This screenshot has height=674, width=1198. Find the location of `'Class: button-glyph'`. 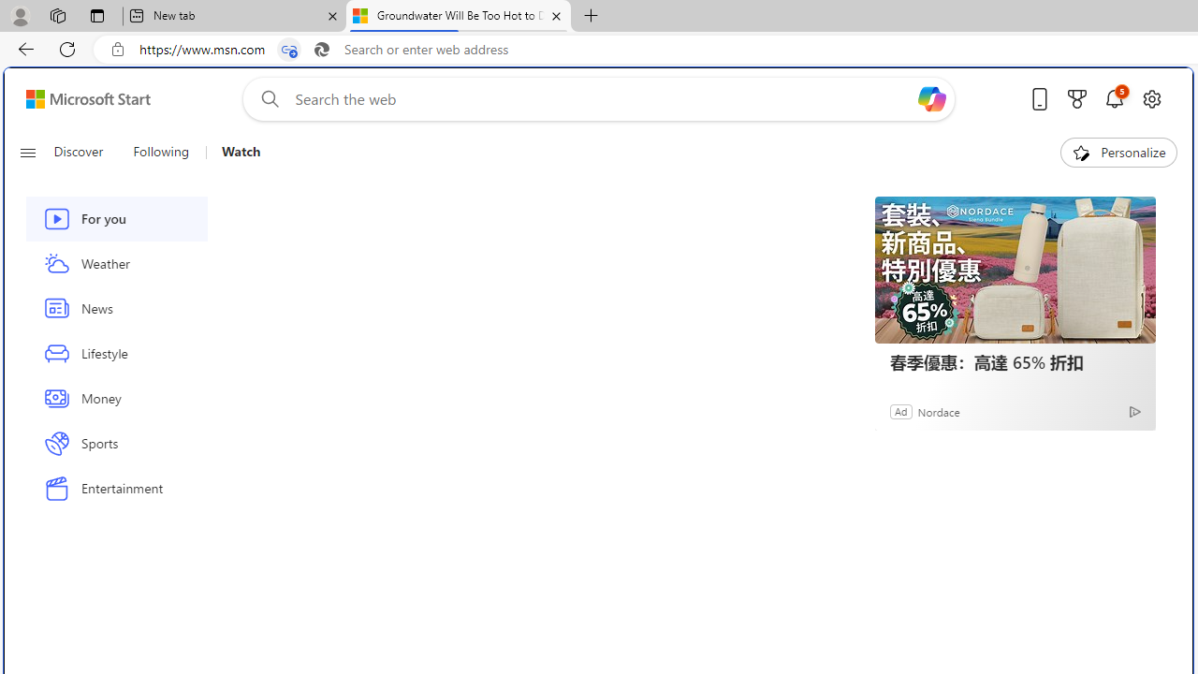

'Class: button-glyph' is located at coordinates (27, 152).